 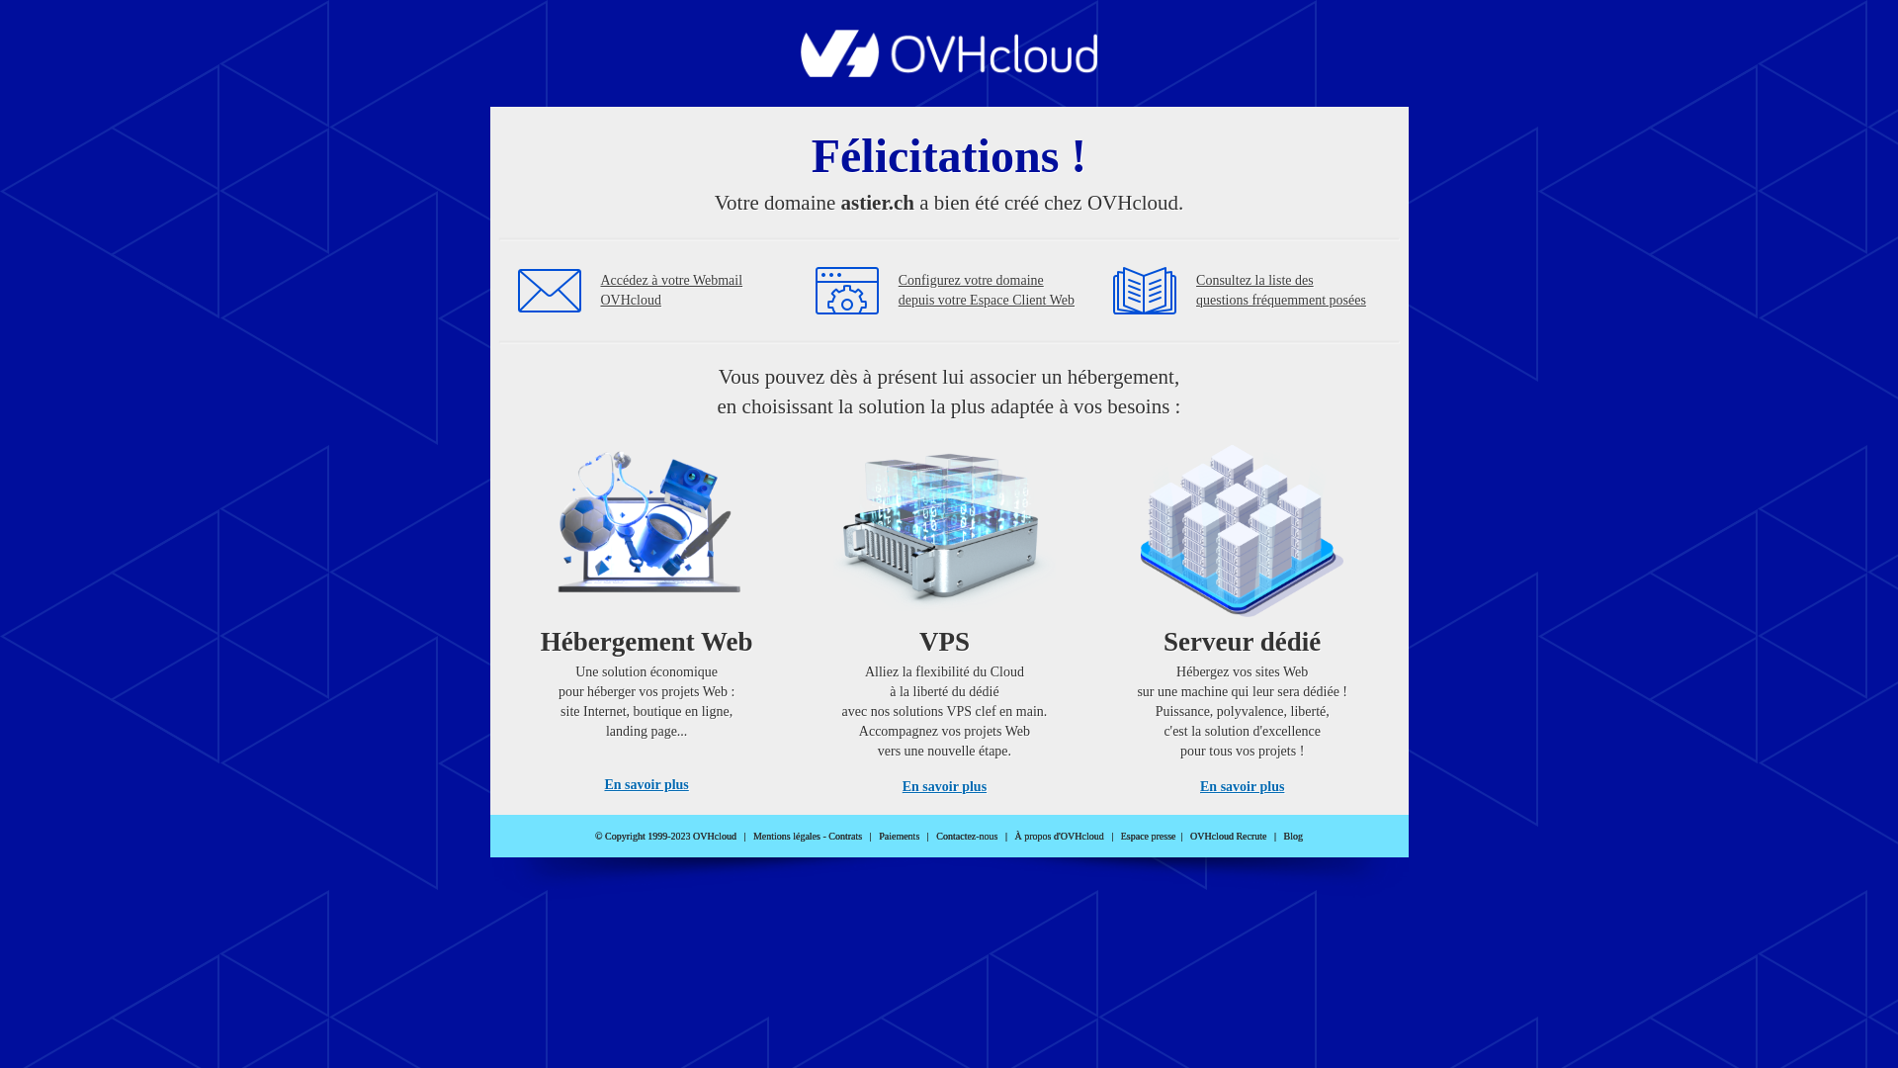 What do you see at coordinates (967, 836) in the screenshot?
I see `'Contactez-nous'` at bounding box center [967, 836].